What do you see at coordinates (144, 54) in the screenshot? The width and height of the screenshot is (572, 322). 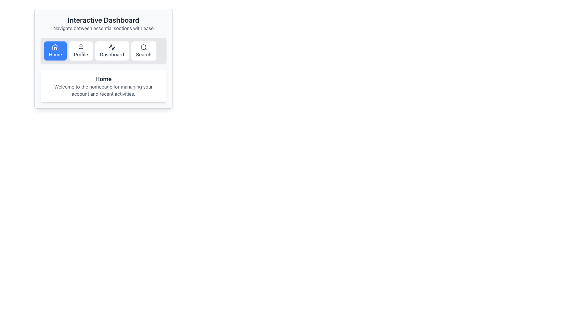 I see `the text label that describes the search icon, located in the upper-right section of the interface, immediately below and slightly to the right of the search icon` at bounding box center [144, 54].